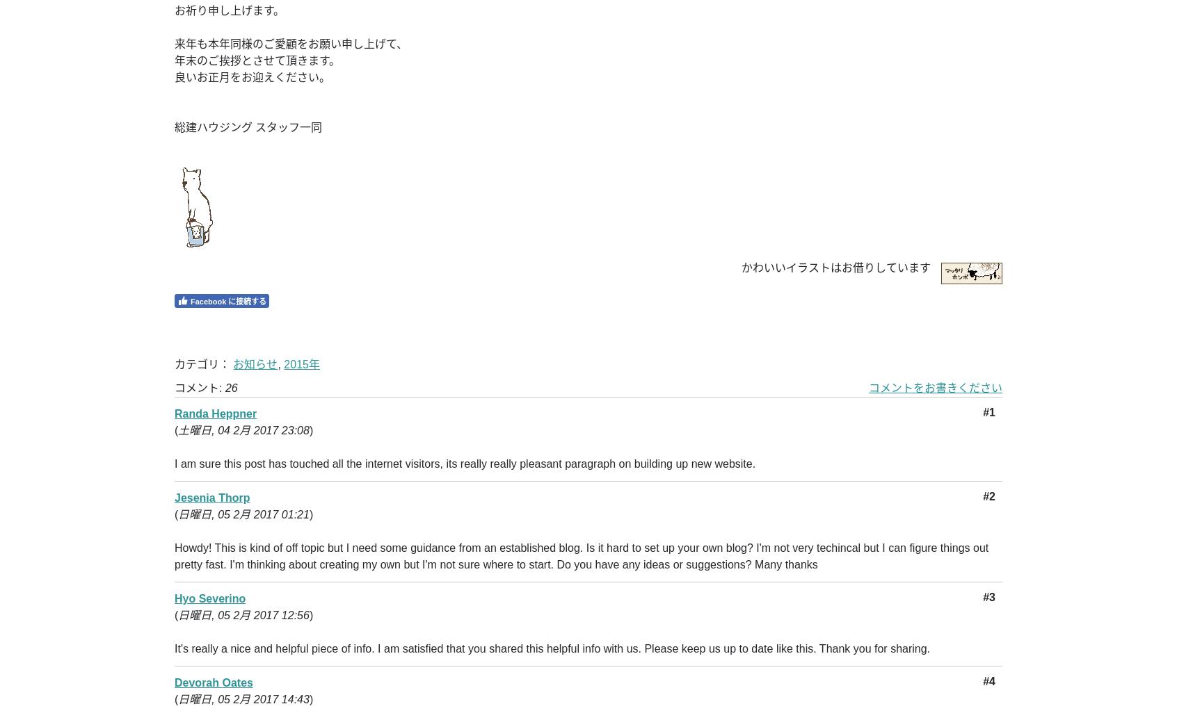  Describe the element at coordinates (465, 464) in the screenshot. I see `'I am sure this post has touched all the internet visitors, its really really pleasant paragraph on building up new website.'` at that location.